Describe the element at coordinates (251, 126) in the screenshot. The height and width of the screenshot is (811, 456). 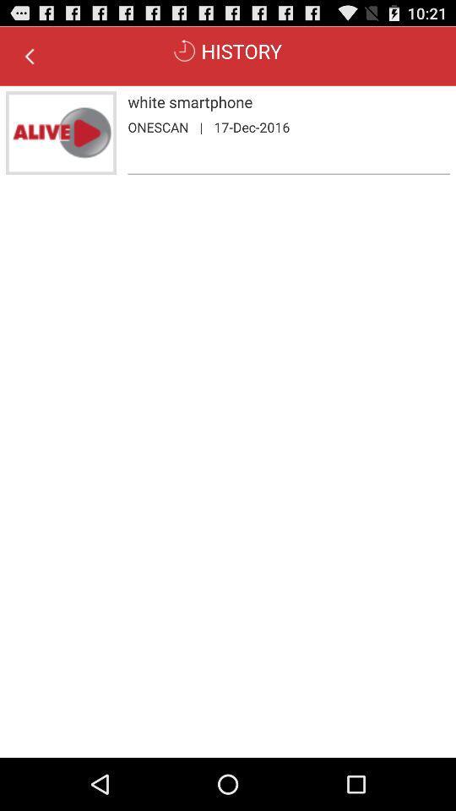
I see `the 17-dec-2016 app` at that location.